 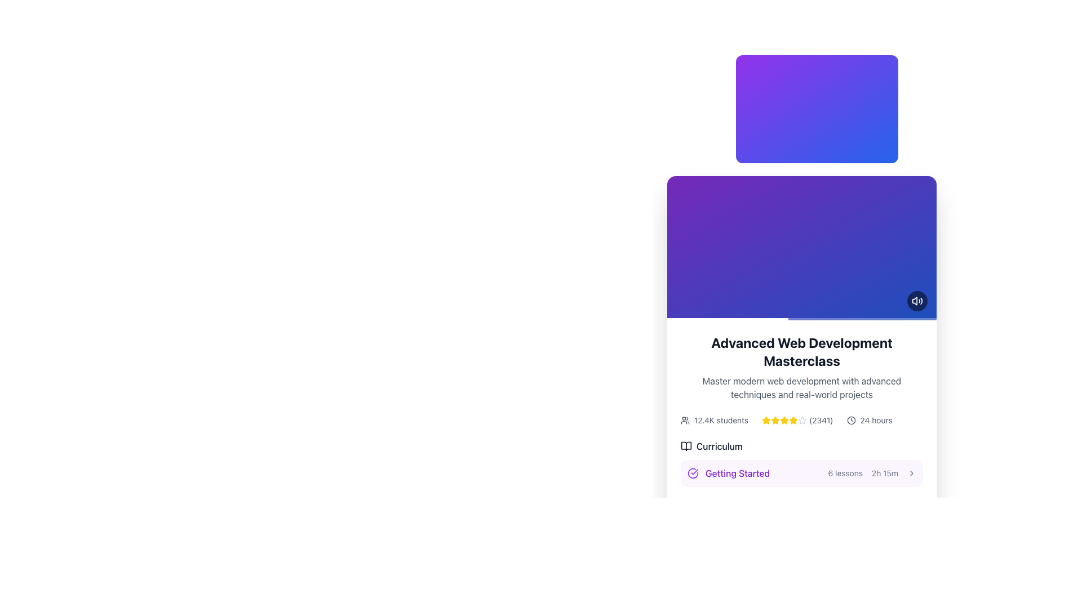 What do you see at coordinates (801, 473) in the screenshot?
I see `the 'Getting Started' button located at the top of the curriculum section` at bounding box center [801, 473].